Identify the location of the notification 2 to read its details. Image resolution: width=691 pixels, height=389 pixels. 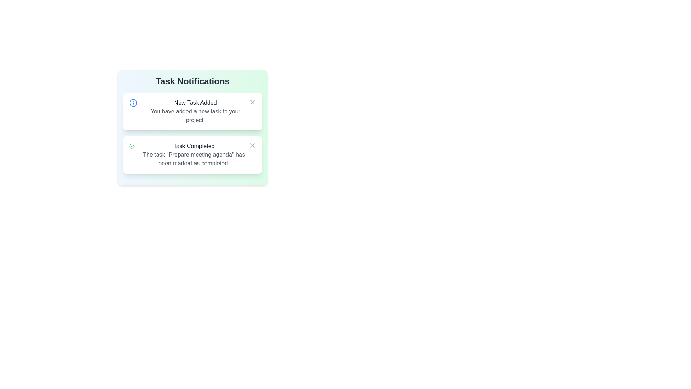
(193, 154).